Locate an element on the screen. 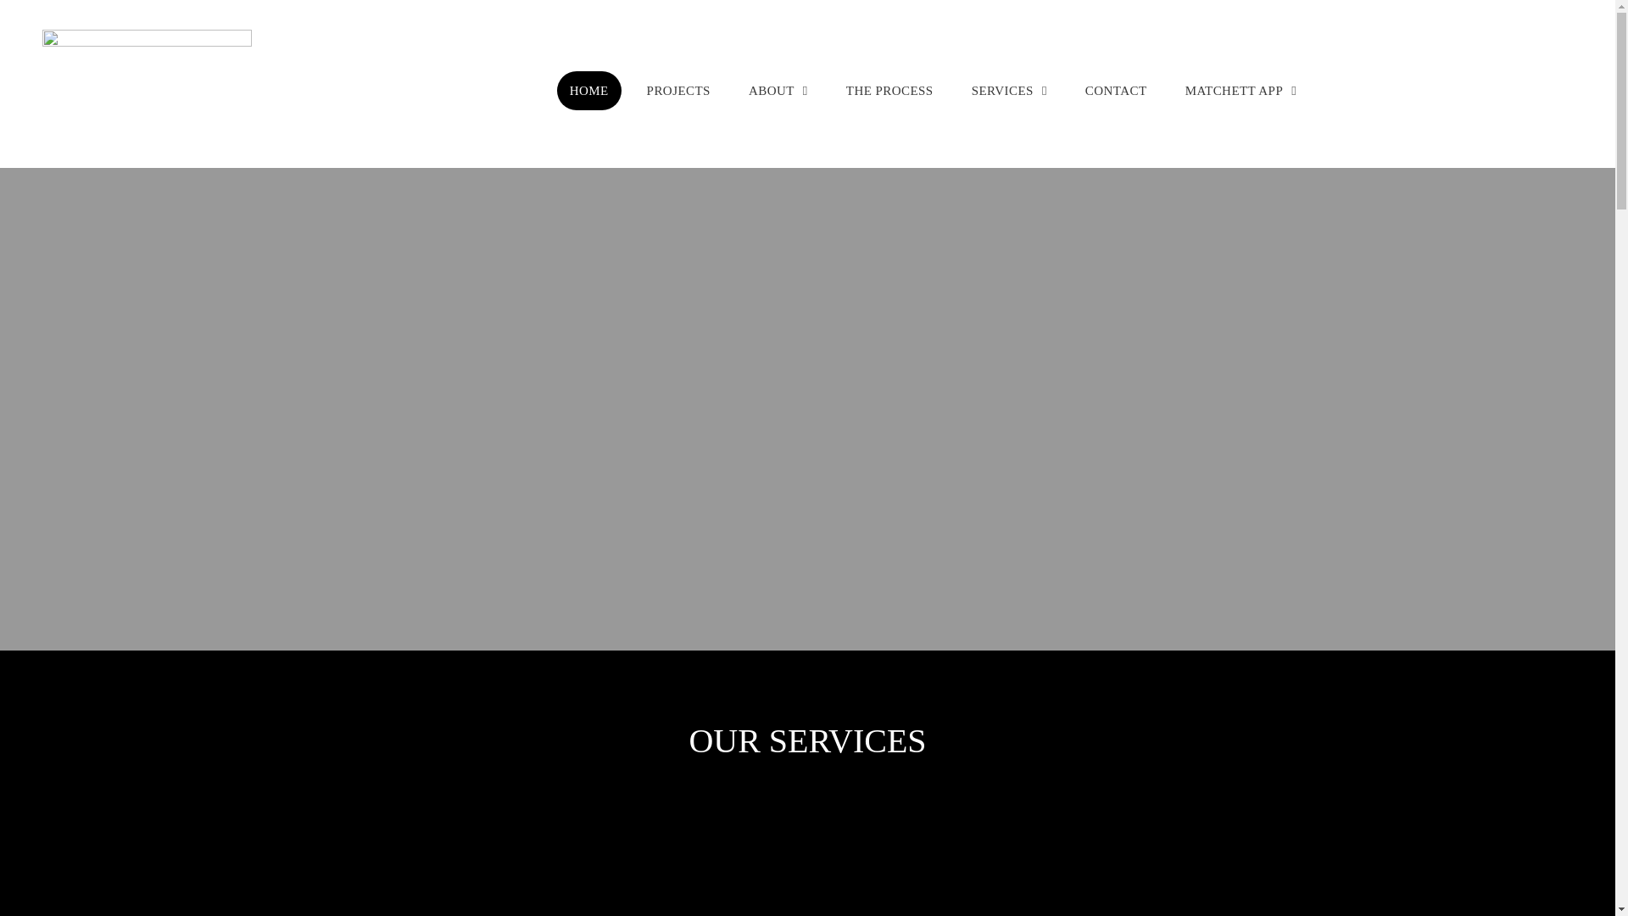 Image resolution: width=1628 pixels, height=916 pixels. 'PROJECTS' is located at coordinates (678, 91).